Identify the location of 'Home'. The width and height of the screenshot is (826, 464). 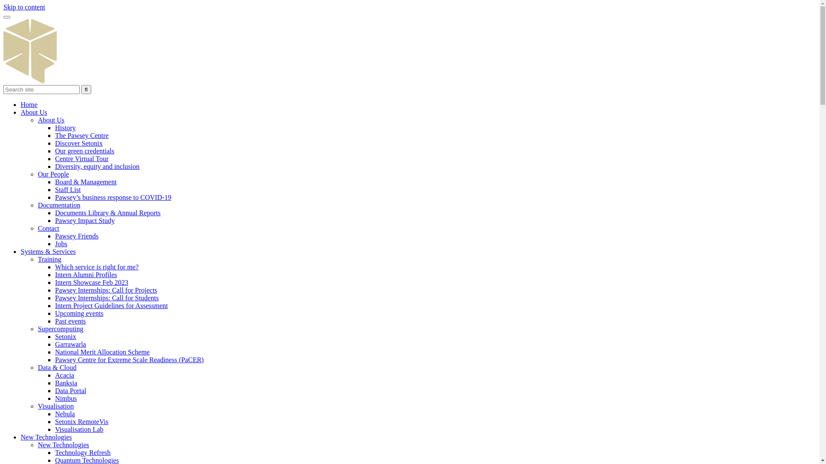
(29, 104).